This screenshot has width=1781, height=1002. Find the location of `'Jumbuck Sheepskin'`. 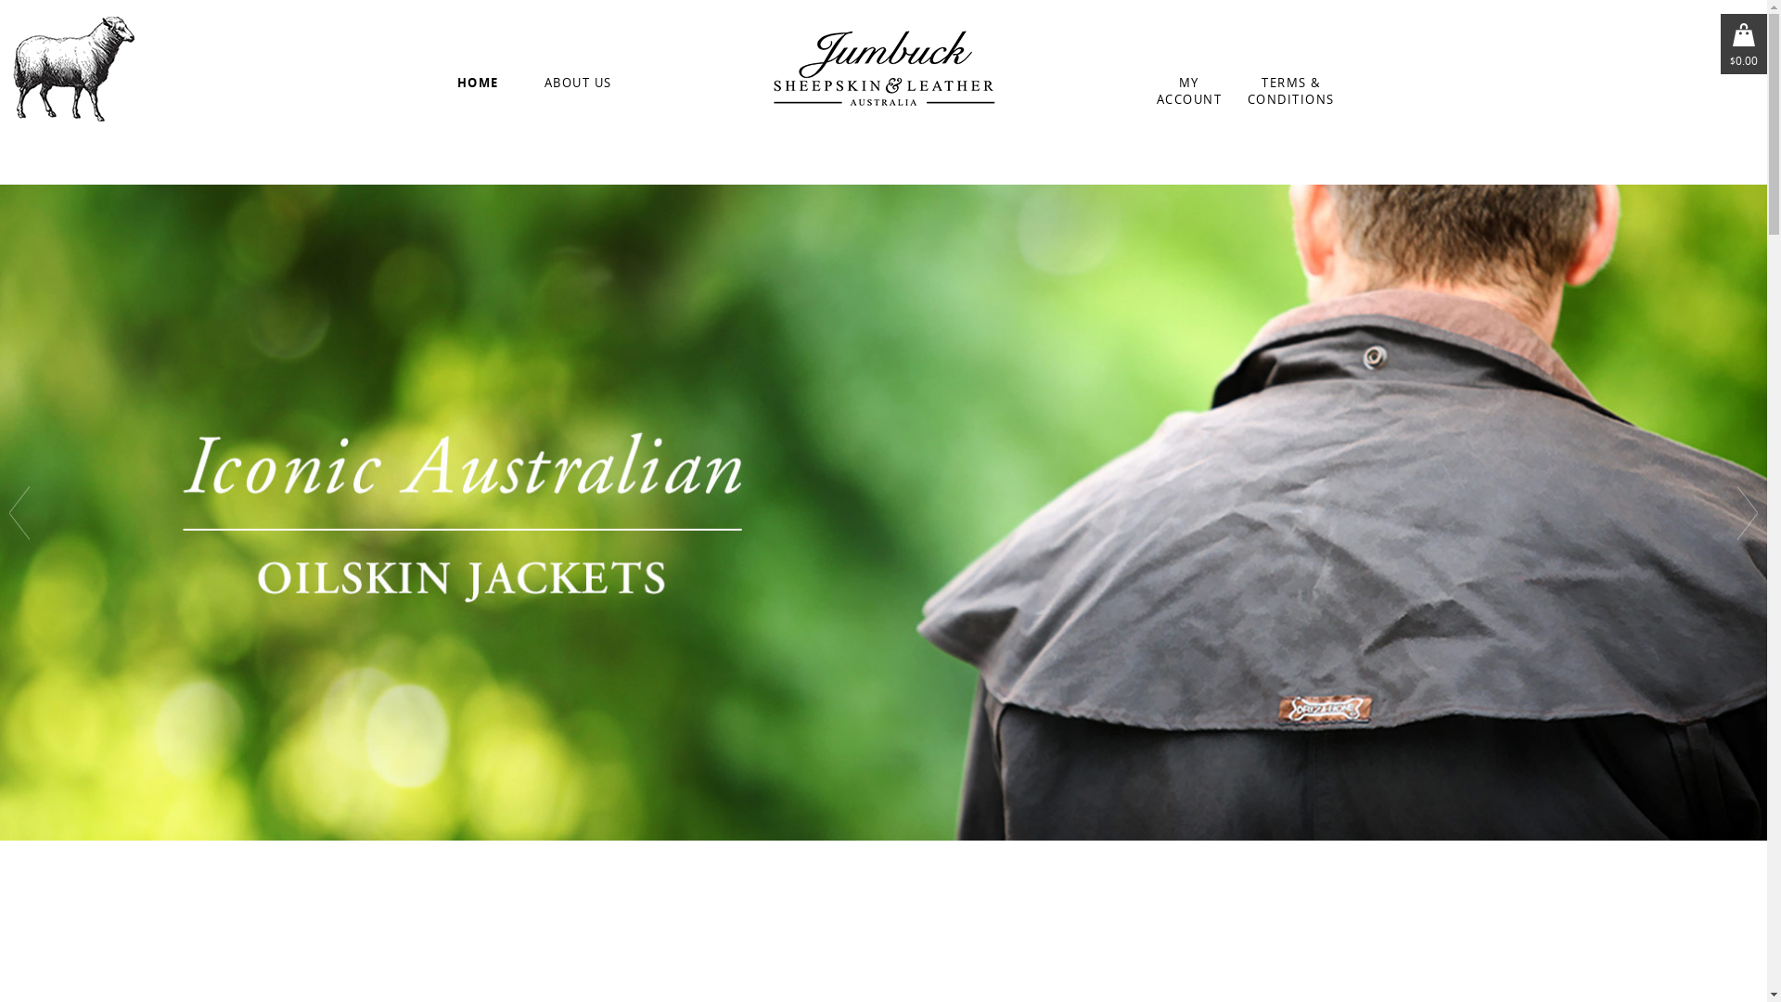

'Jumbuck Sheepskin' is located at coordinates (883, 66).